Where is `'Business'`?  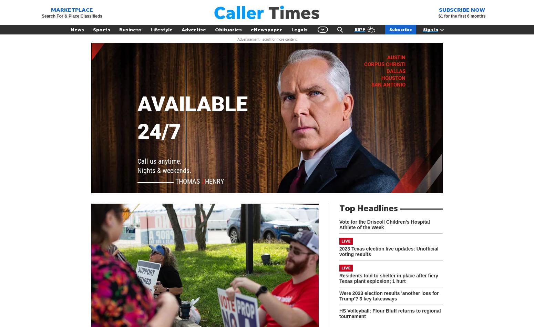 'Business' is located at coordinates (130, 29).